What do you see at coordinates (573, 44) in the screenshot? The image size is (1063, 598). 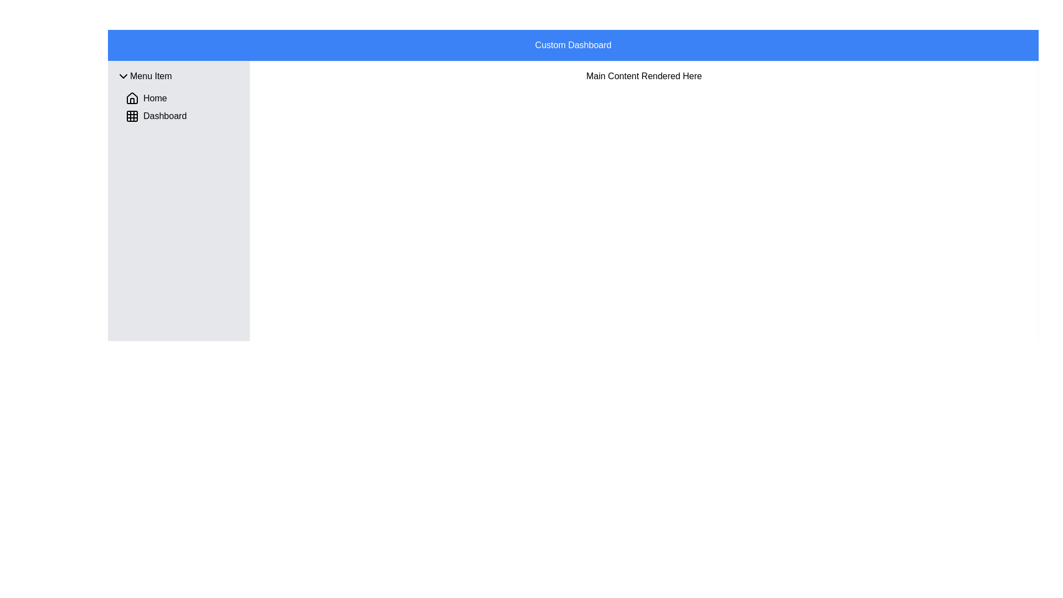 I see `the static text element with a blue background and white text reading 'Custom Dashboard' located at the top of the interface` at bounding box center [573, 44].